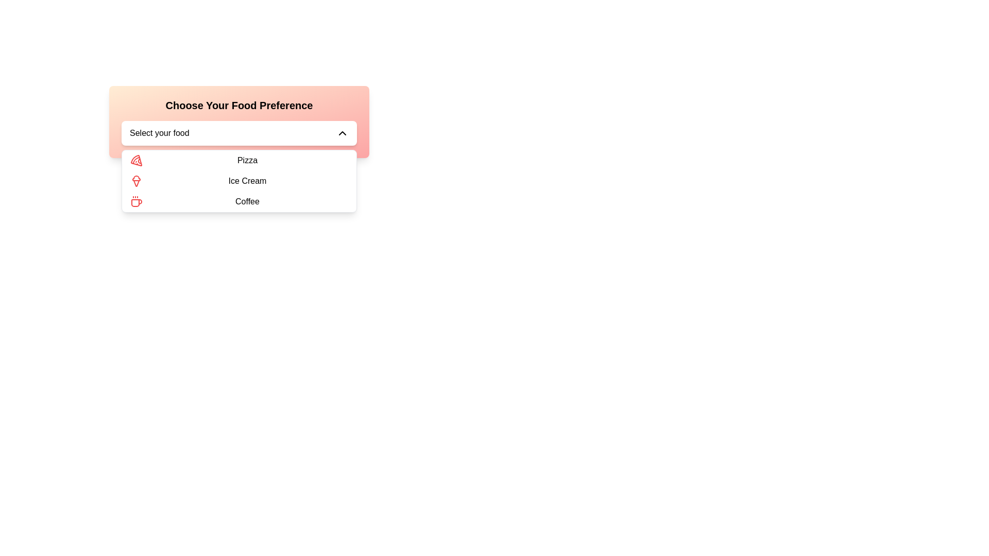 Image resolution: width=989 pixels, height=556 pixels. I want to click on the 'Coffee' option in the dropdown menu, so click(247, 202).